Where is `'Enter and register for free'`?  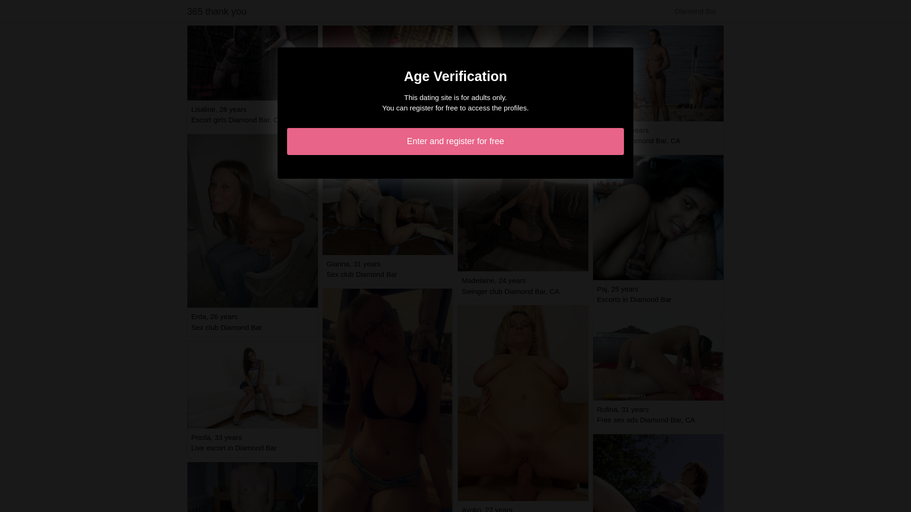 'Enter and register for free' is located at coordinates (455, 141).